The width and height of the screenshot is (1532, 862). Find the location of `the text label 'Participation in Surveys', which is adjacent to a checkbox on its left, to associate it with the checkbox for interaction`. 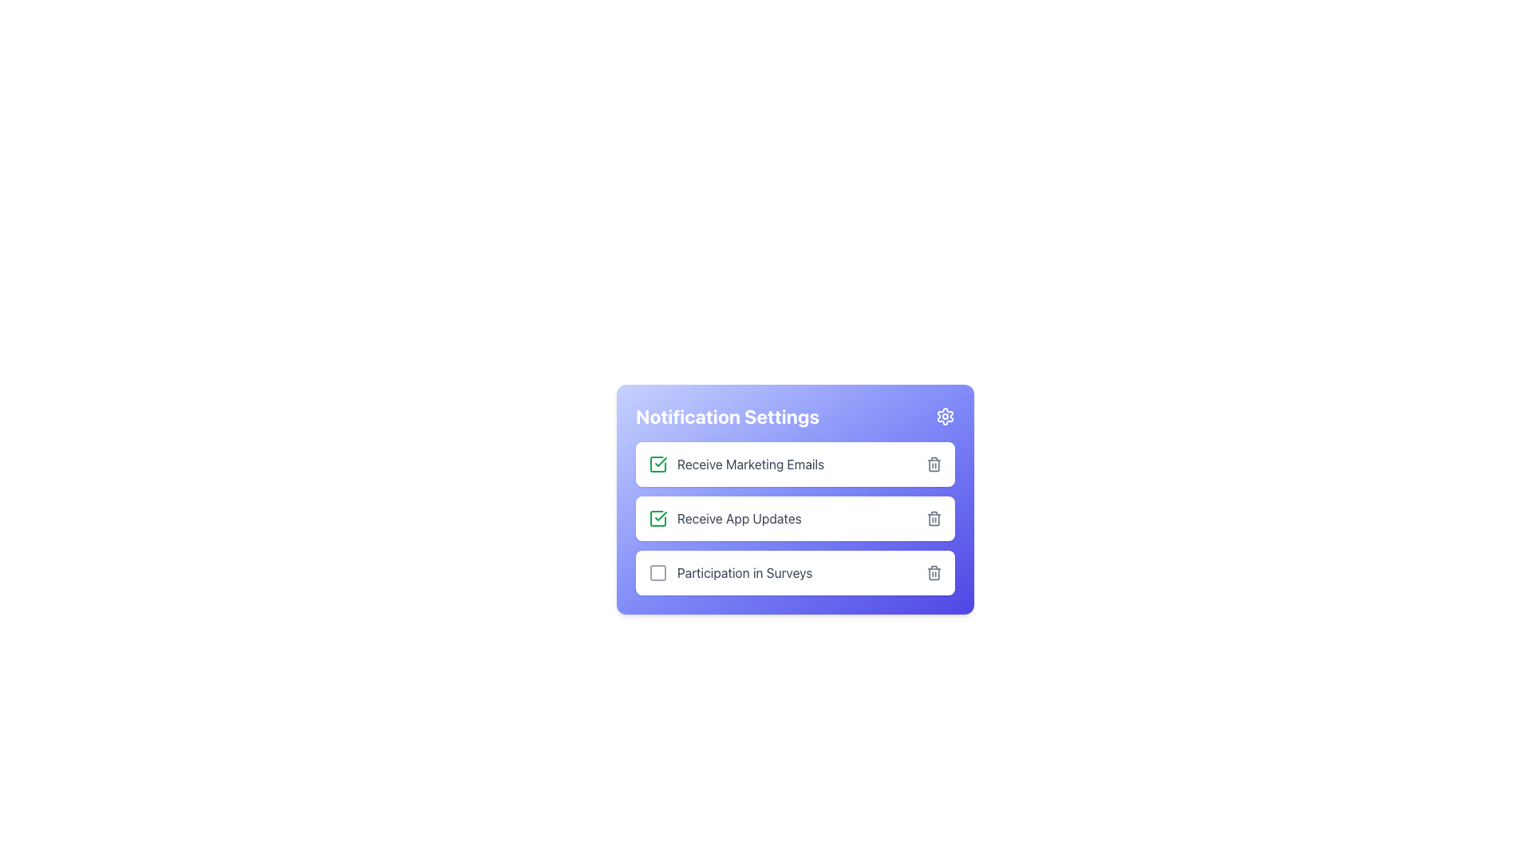

the text label 'Participation in Surveys', which is adjacent to a checkbox on its left, to associate it with the checkbox for interaction is located at coordinates (729, 571).